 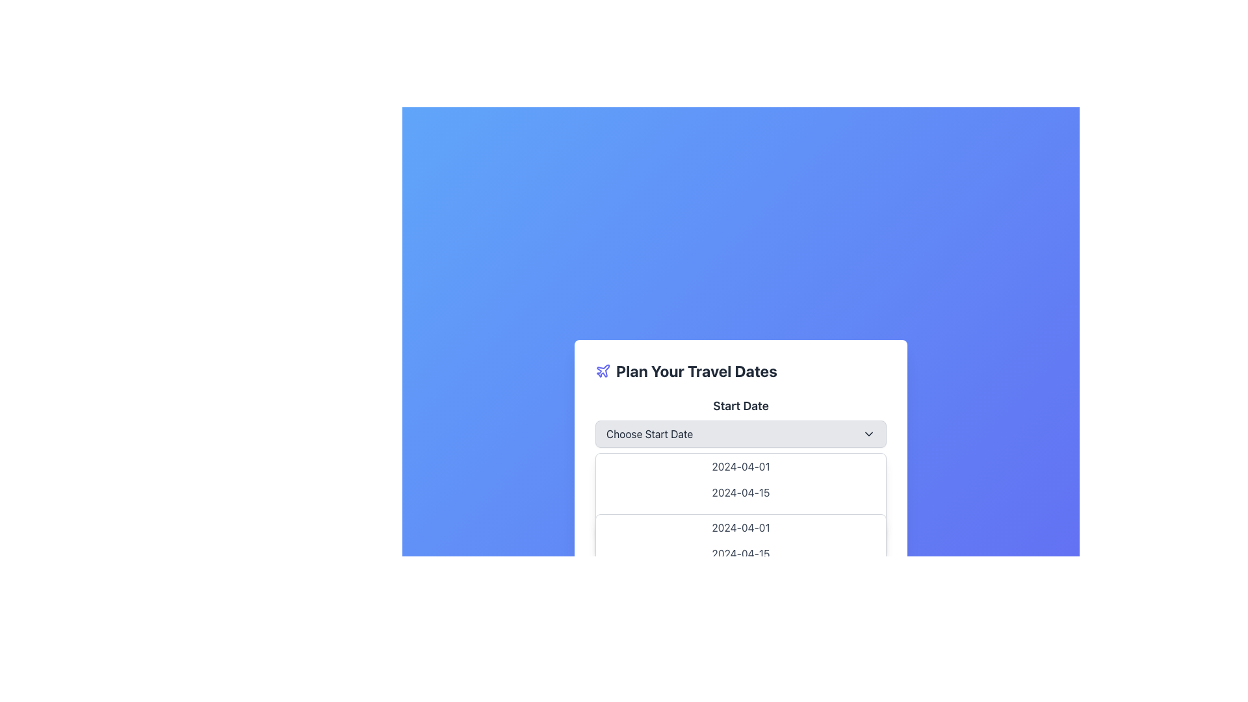 What do you see at coordinates (741, 493) in the screenshot?
I see `the second date option '2024-04-15' in the dropdown menu` at bounding box center [741, 493].